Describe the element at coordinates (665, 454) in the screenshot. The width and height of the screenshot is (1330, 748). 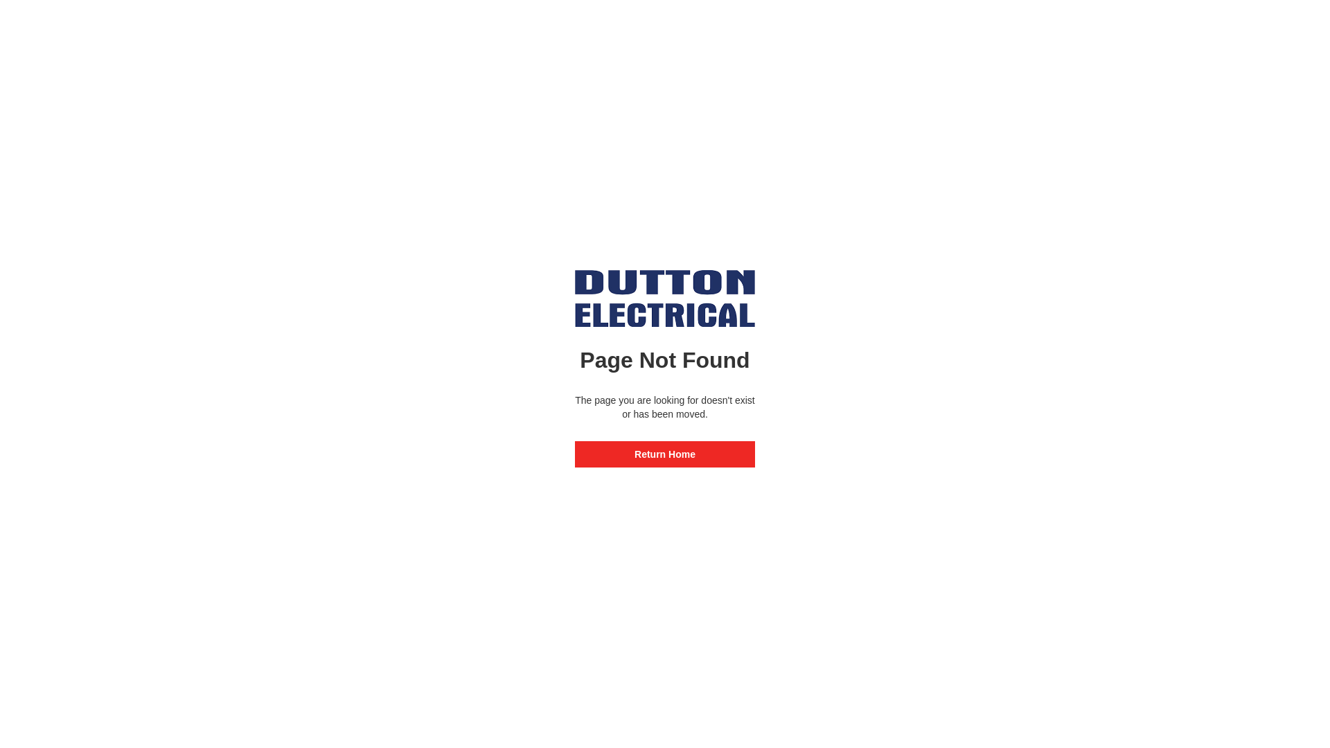
I see `'Return Home'` at that location.